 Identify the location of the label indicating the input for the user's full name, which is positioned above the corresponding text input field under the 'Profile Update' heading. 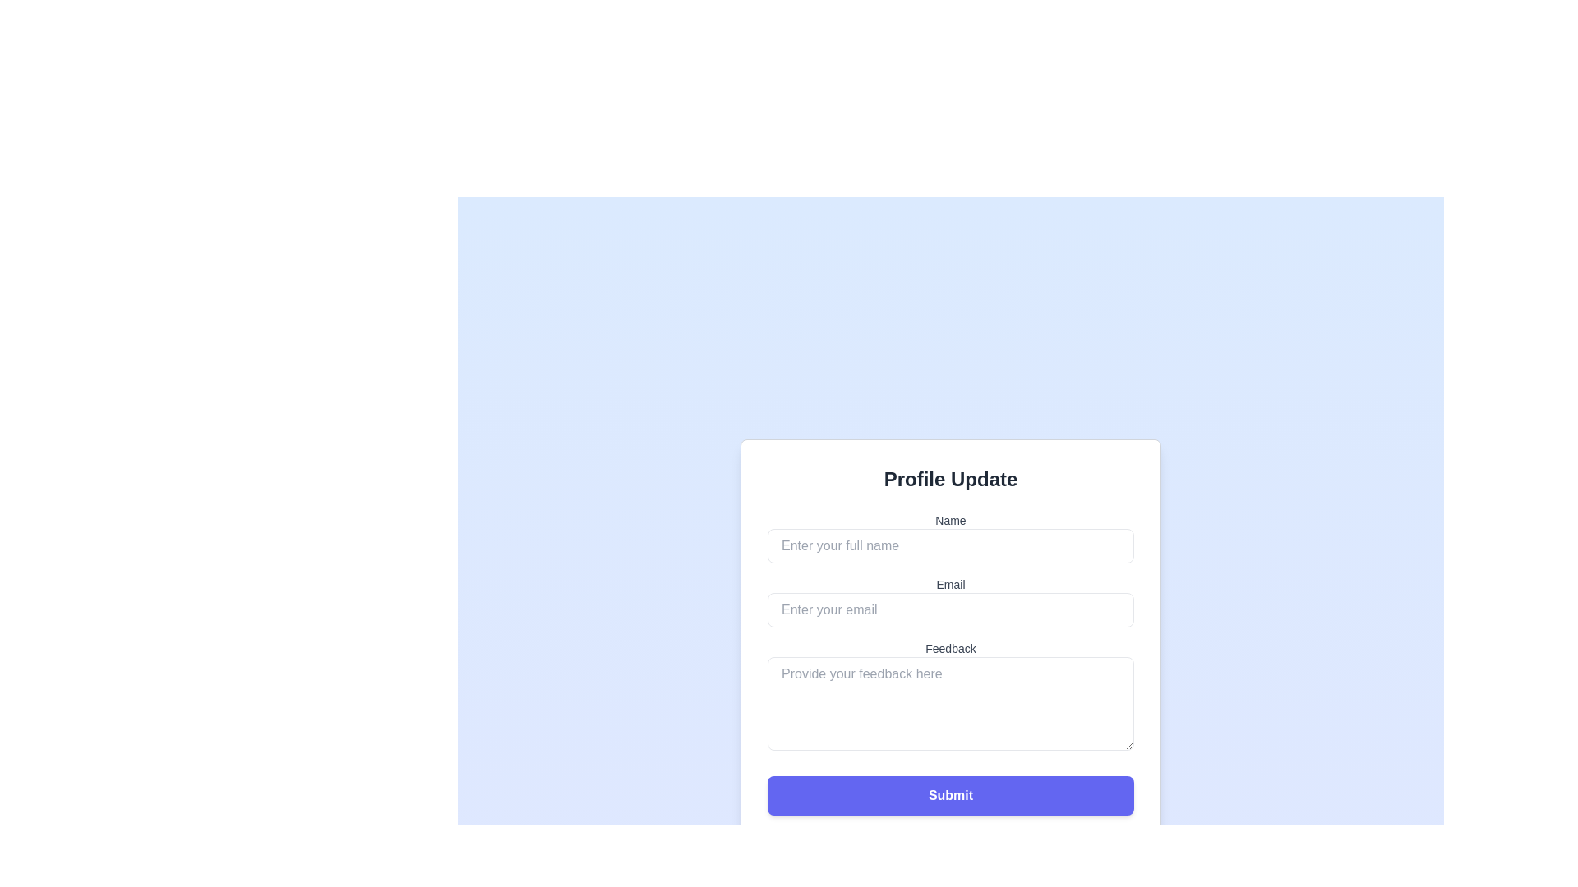
(950, 520).